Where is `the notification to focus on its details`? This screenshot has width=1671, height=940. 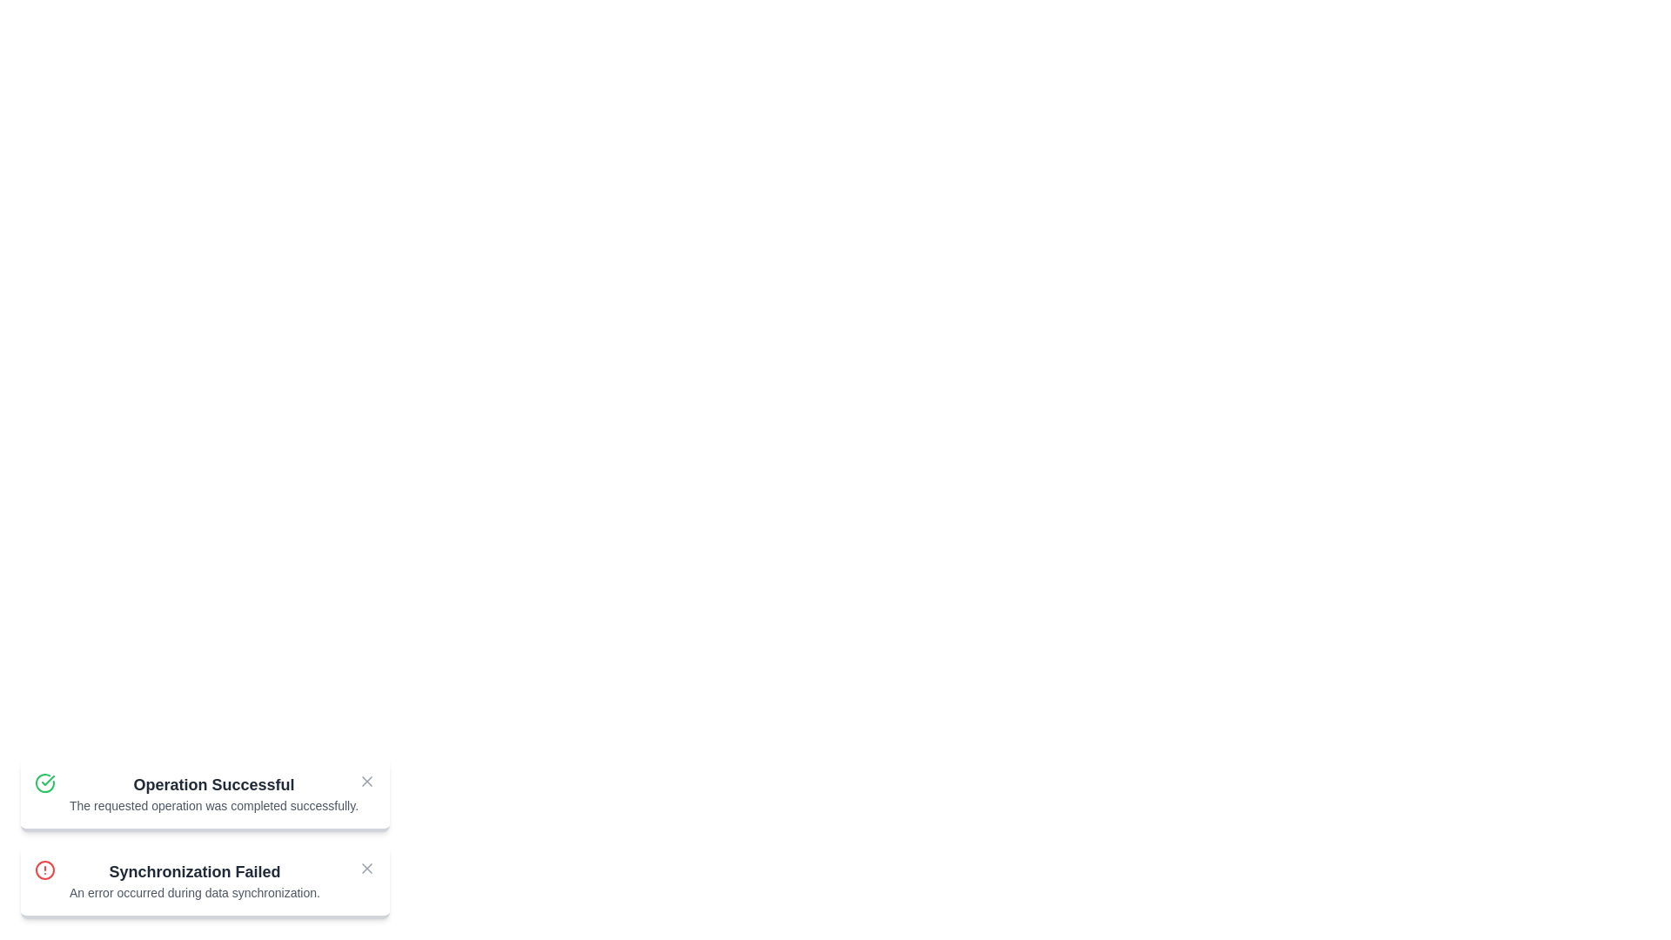
the notification to focus on its details is located at coordinates (205, 796).